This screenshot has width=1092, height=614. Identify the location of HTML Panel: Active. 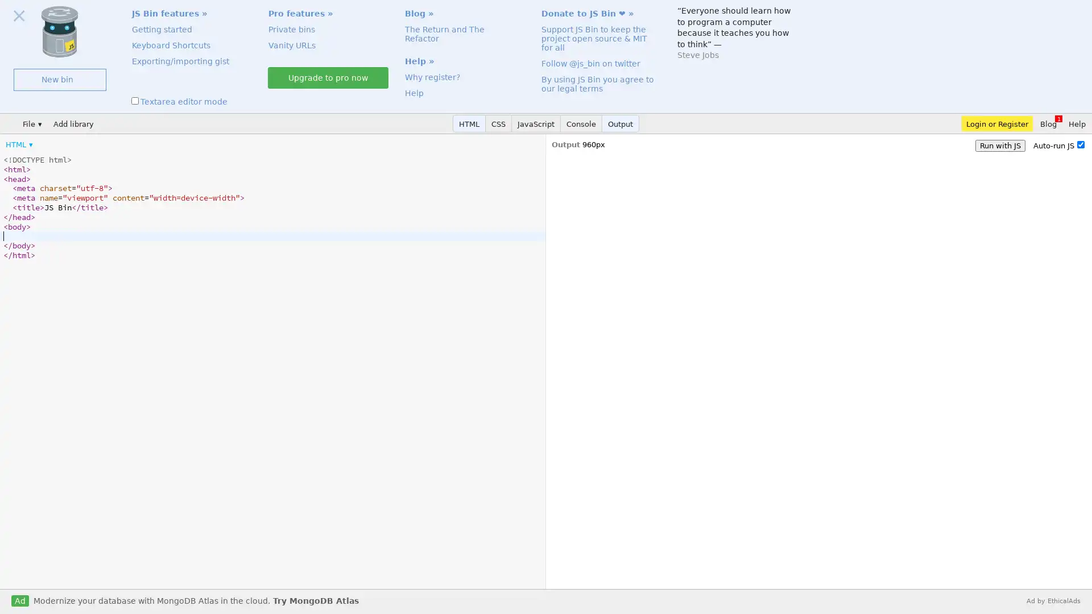
(469, 123).